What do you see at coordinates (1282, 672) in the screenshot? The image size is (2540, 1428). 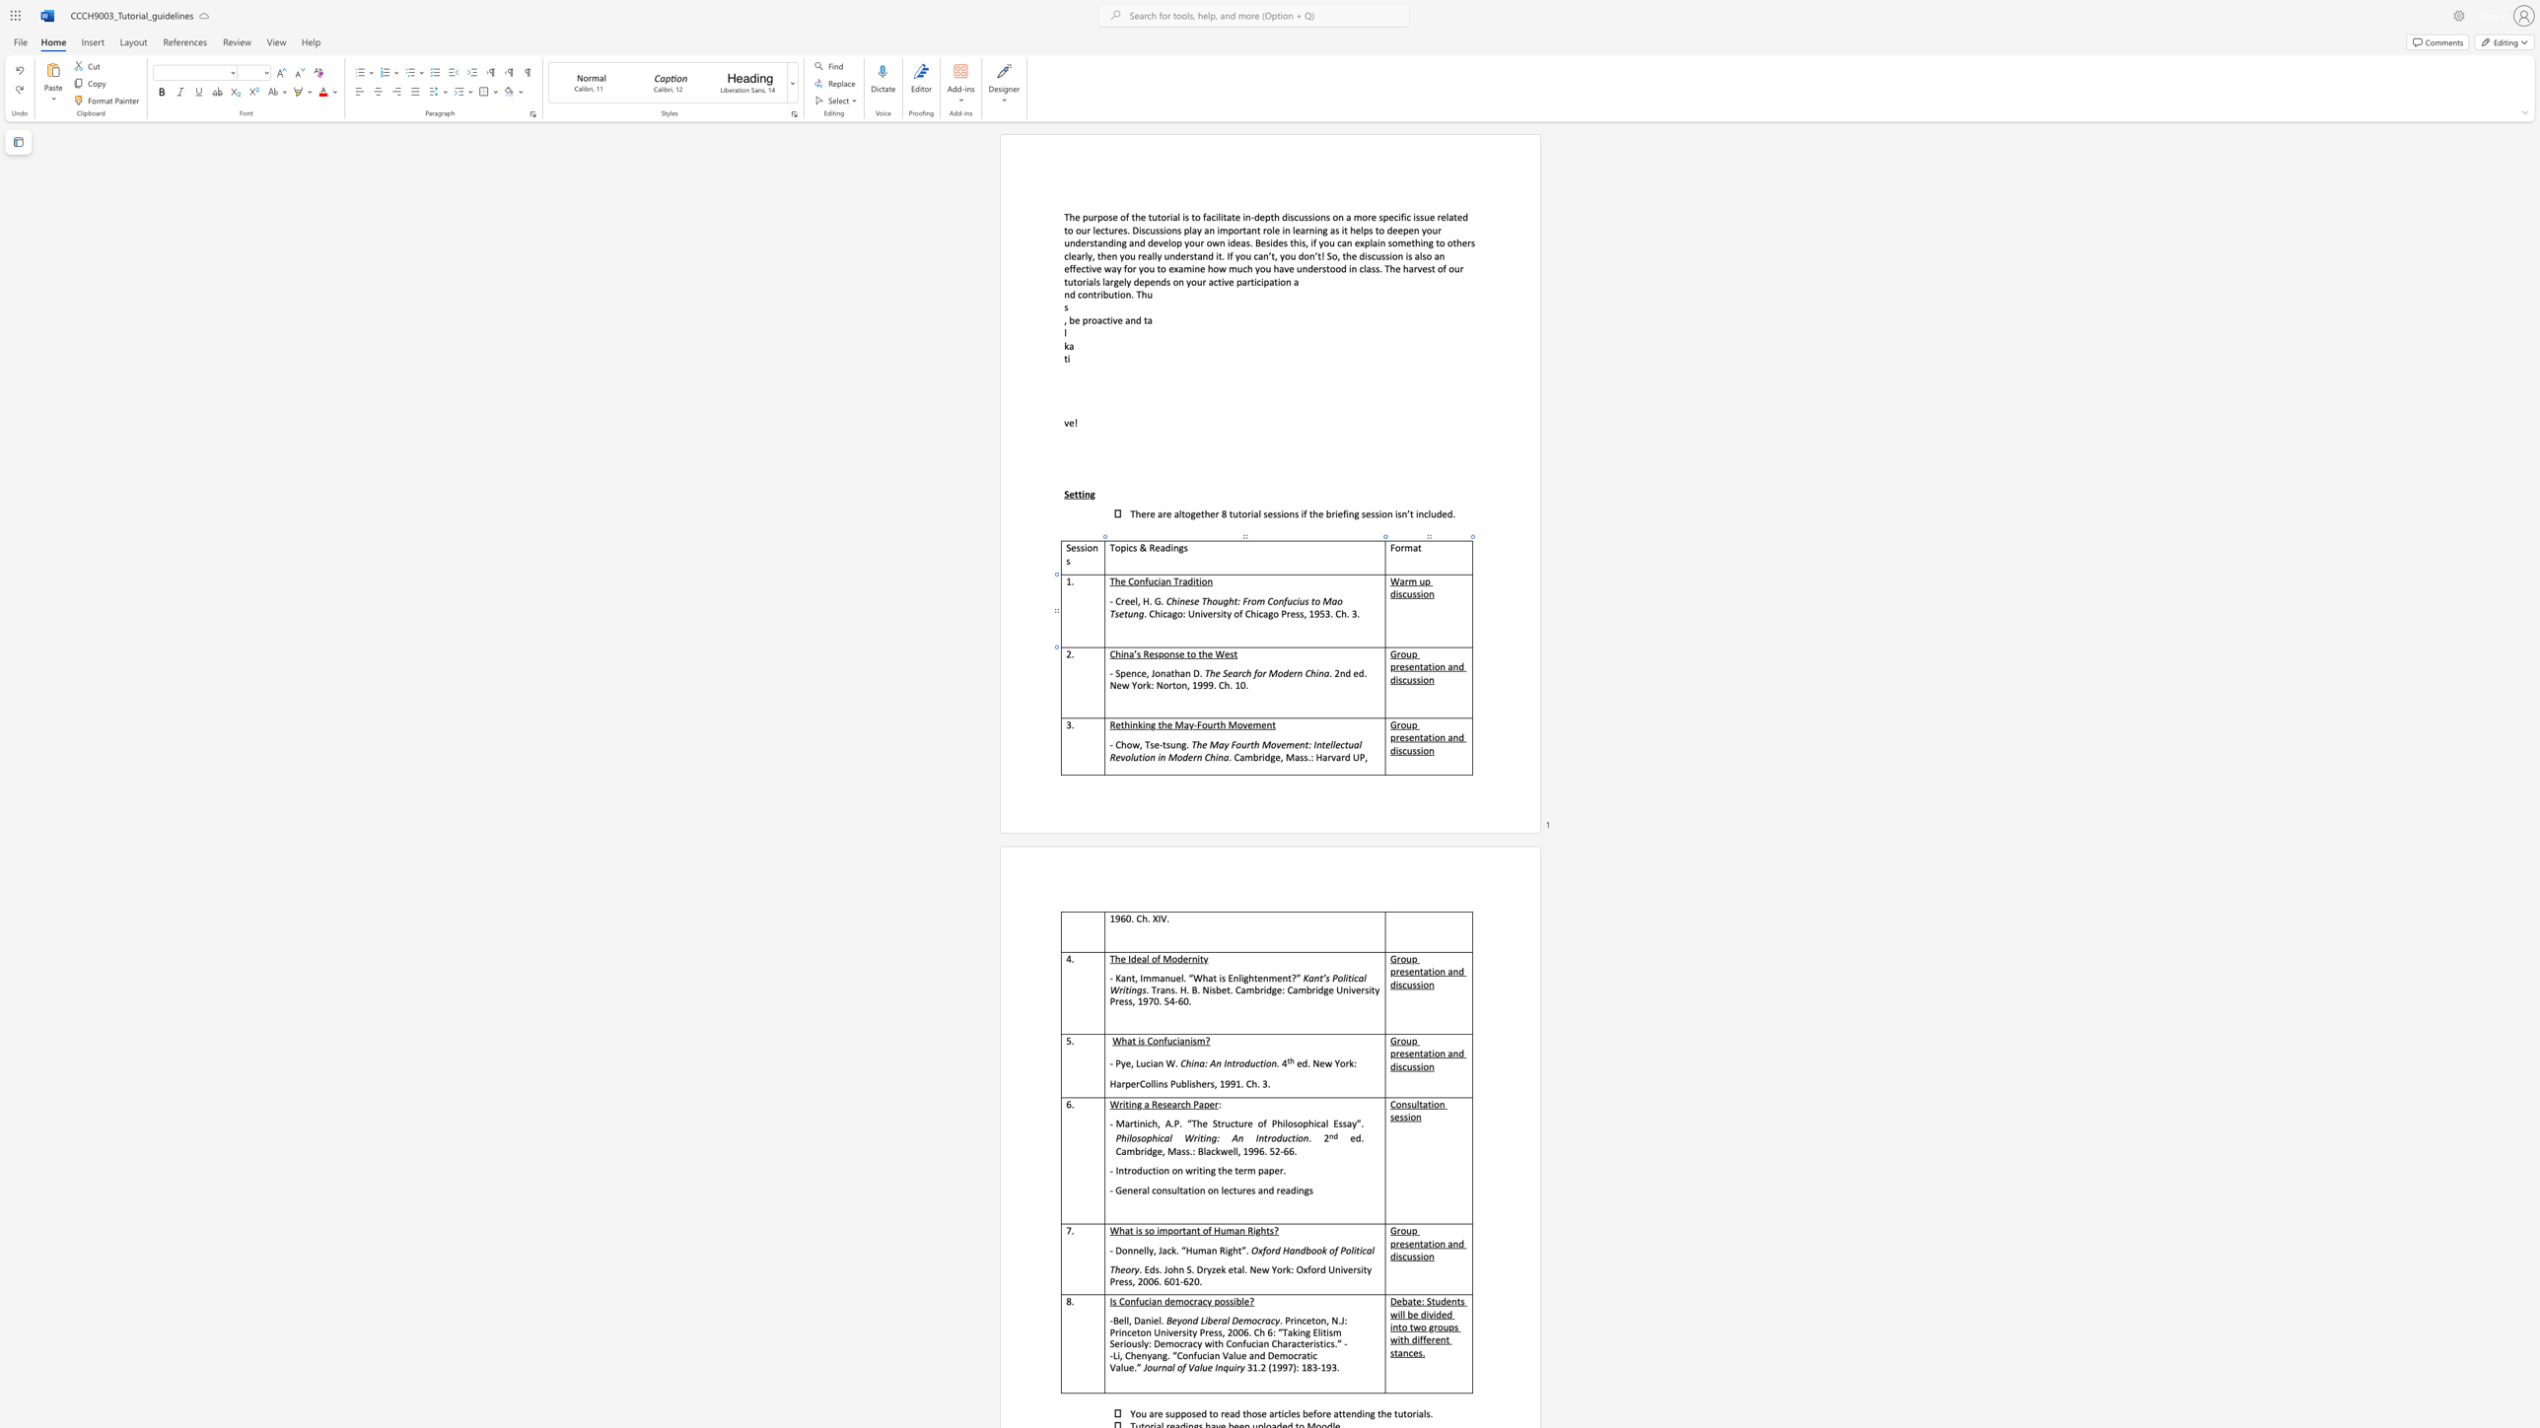 I see `the space between the continuous character "o" and "d" in the text` at bounding box center [1282, 672].